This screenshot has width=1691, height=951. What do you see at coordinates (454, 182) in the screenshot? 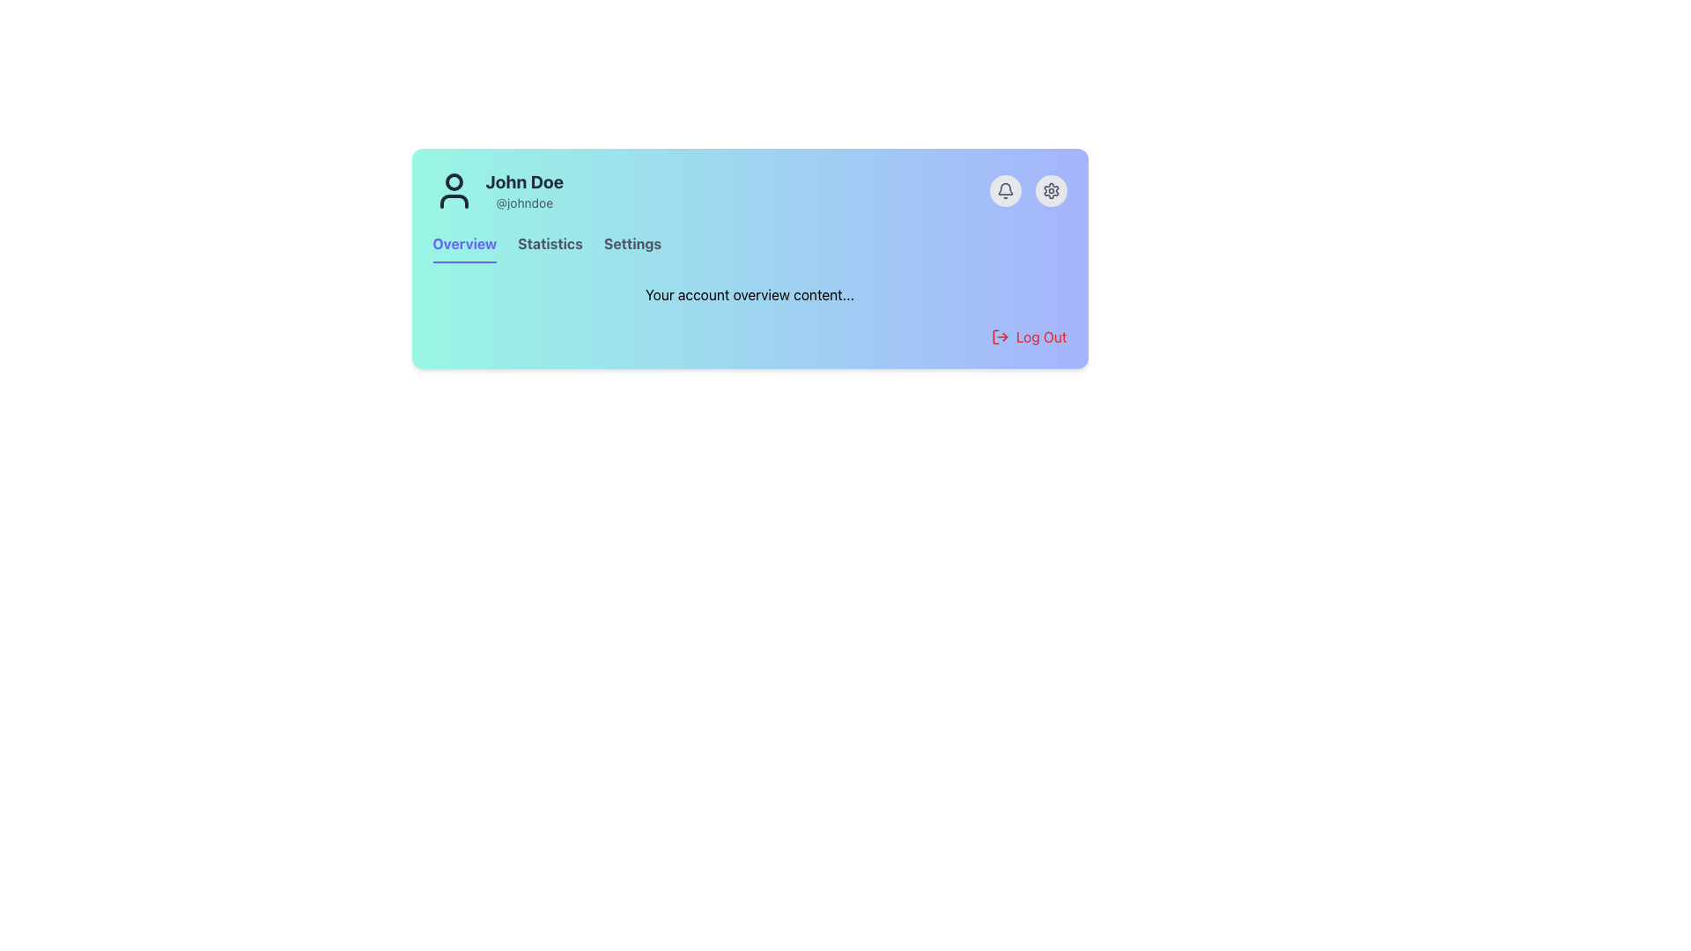
I see `the decorative Circular SVG element that represents the user's profile head, located at the center of the profile icon` at bounding box center [454, 182].